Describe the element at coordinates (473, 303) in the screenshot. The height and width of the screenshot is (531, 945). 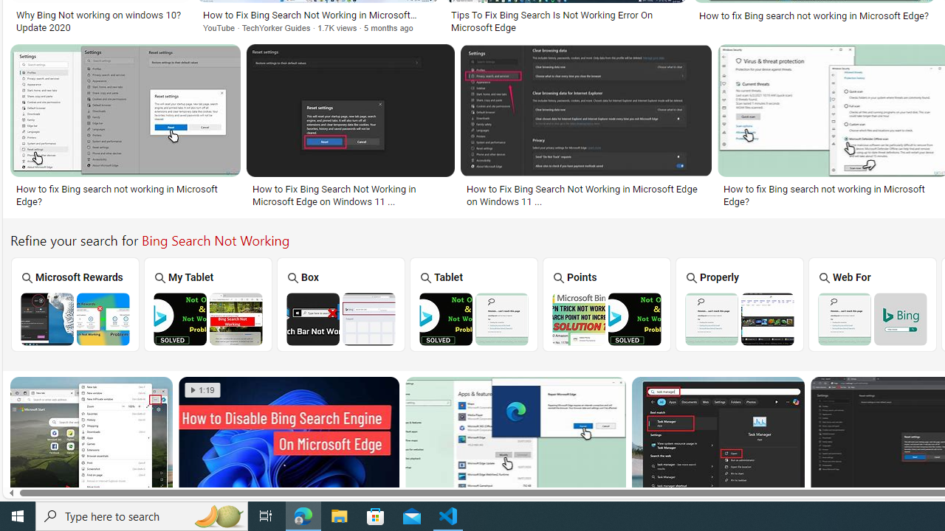
I see `'Tablet'` at that location.